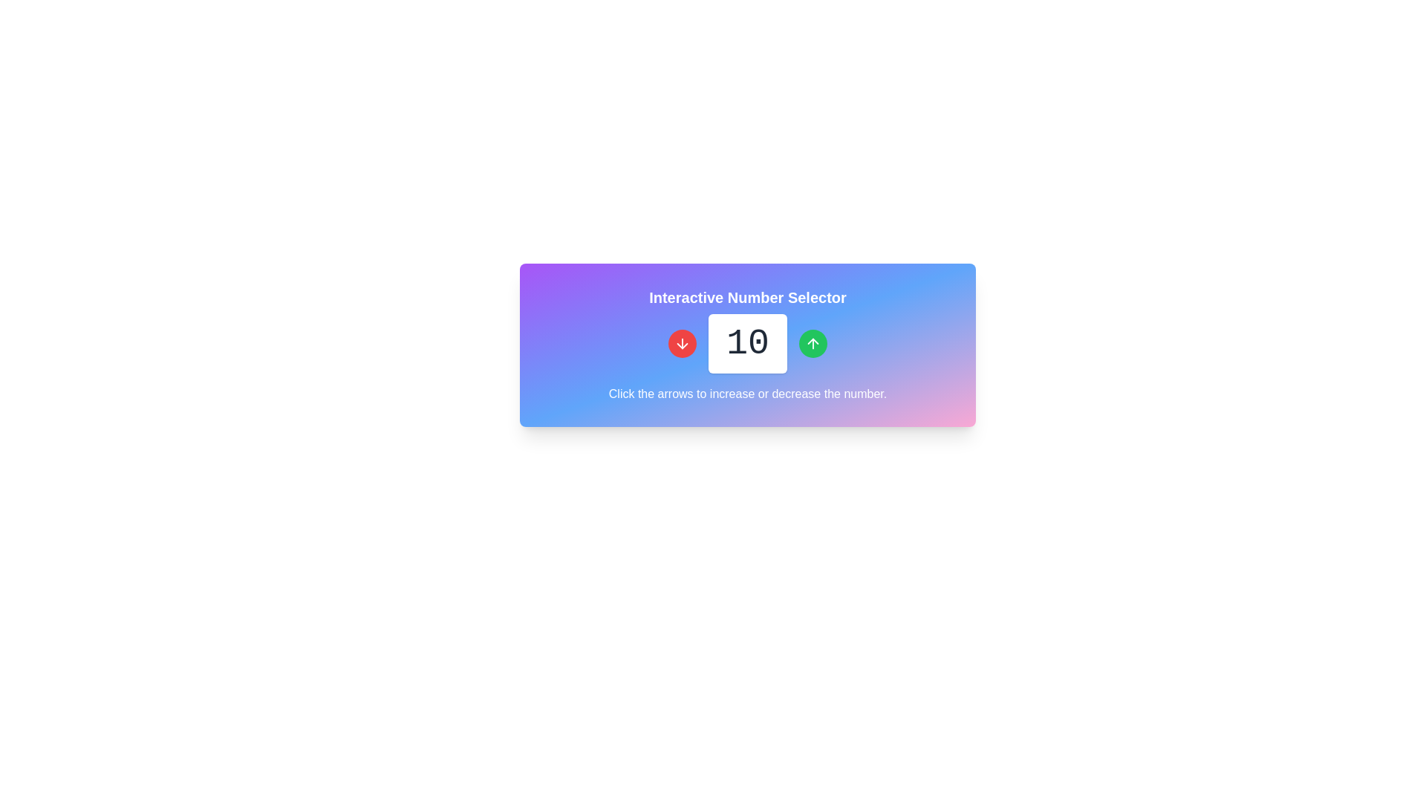 The image size is (1426, 802). I want to click on the button that decreases the value in the adjacent numeric input field, located on the left side of the interface within the number selector panel, so click(682, 343).